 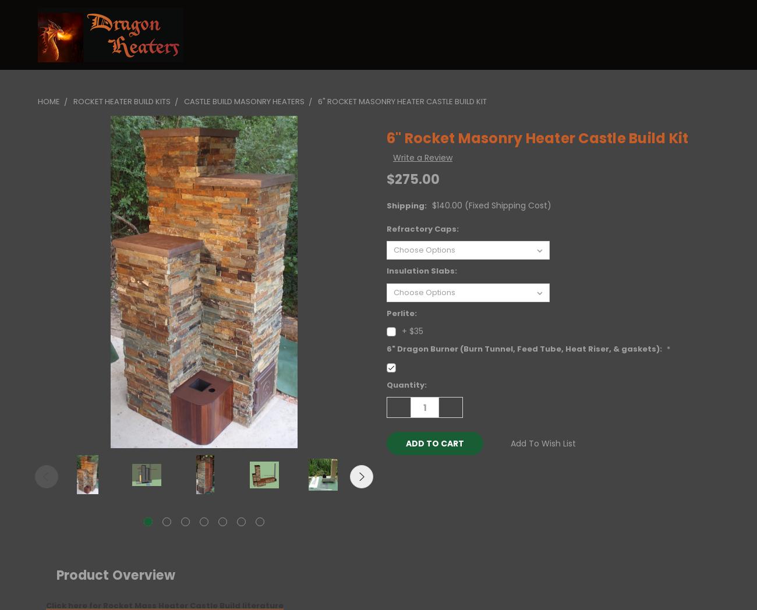 I want to click on 'Customers Also Viewed', so click(x=416, y=419).